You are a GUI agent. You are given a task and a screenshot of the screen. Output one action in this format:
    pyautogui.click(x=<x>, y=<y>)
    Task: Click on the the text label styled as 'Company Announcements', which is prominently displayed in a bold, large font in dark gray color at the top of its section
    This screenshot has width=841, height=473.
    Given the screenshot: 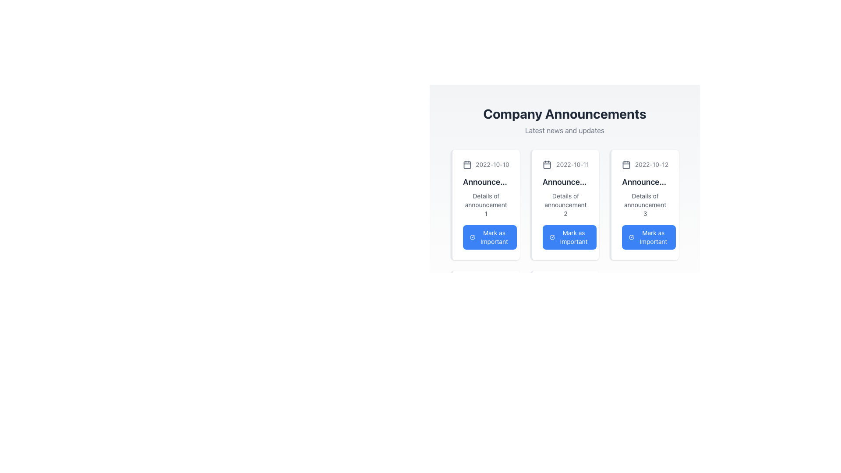 What is the action you would take?
    pyautogui.click(x=565, y=113)
    